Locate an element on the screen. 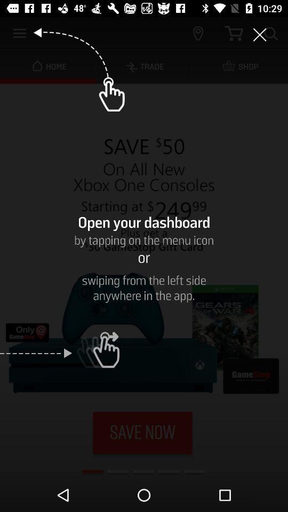  the close icon is located at coordinates (259, 35).